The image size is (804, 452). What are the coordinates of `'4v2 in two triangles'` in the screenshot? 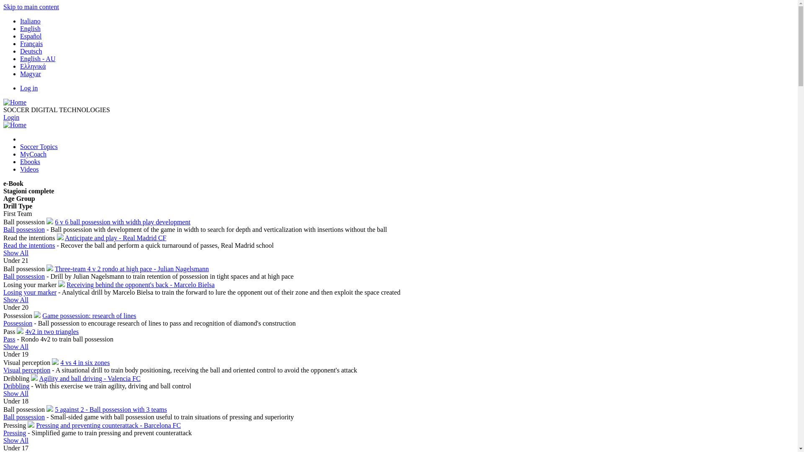 It's located at (52, 331).